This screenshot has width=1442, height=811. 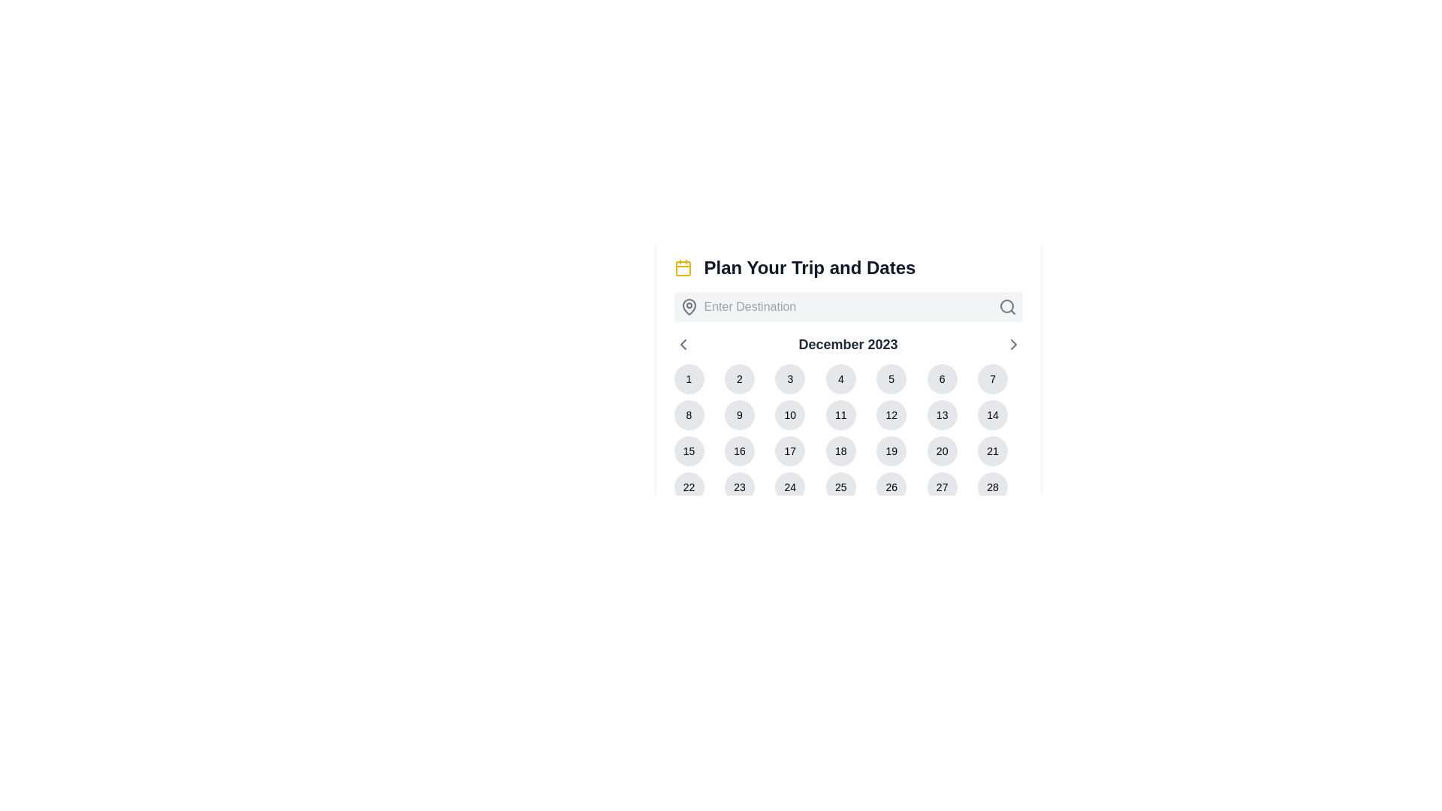 What do you see at coordinates (688, 378) in the screenshot?
I see `the circular button with a light gray background and the number '1' displayed in black` at bounding box center [688, 378].